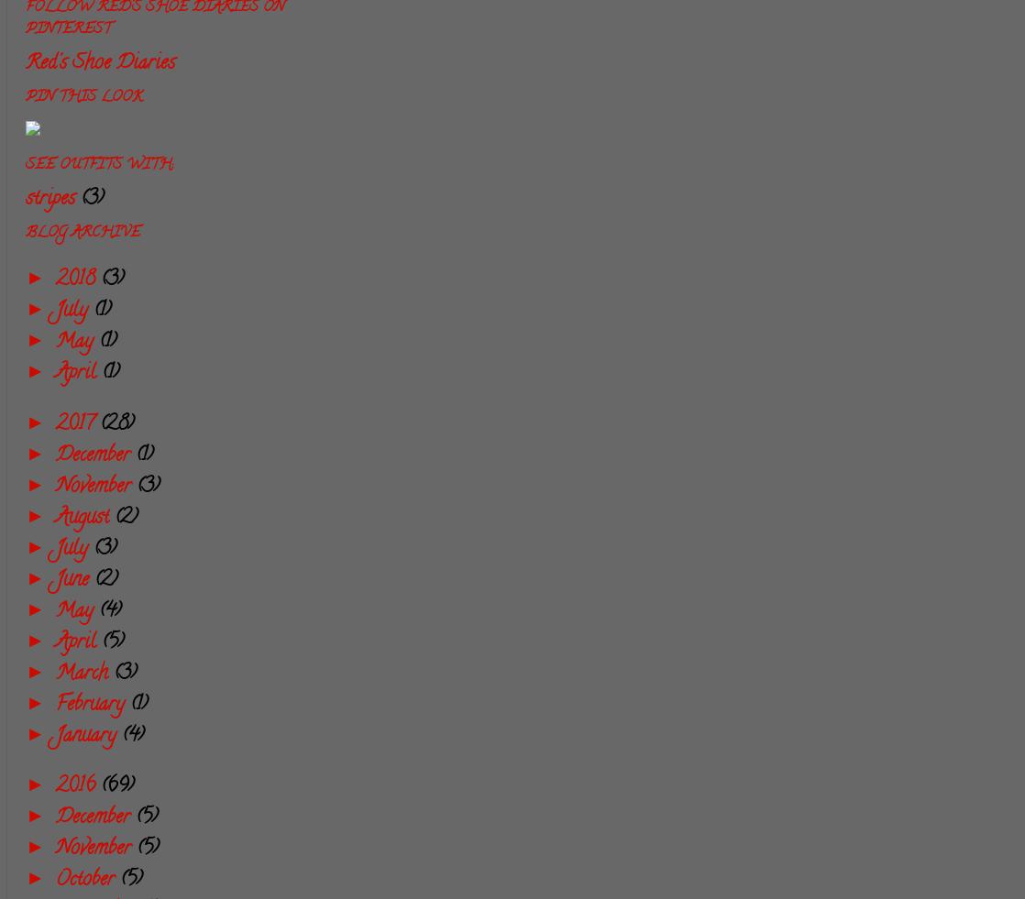  Describe the element at coordinates (25, 198) in the screenshot. I see `'stripes'` at that location.